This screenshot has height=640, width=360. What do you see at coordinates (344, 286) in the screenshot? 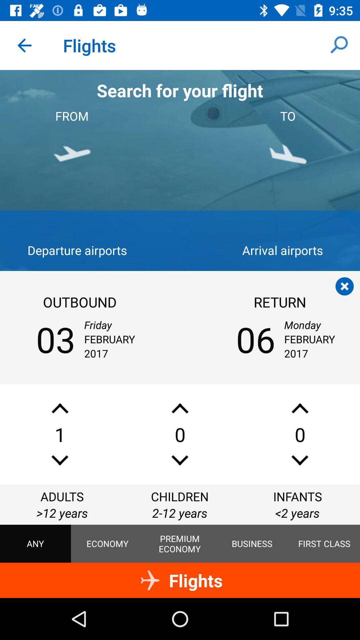
I see `flight search` at bounding box center [344, 286].